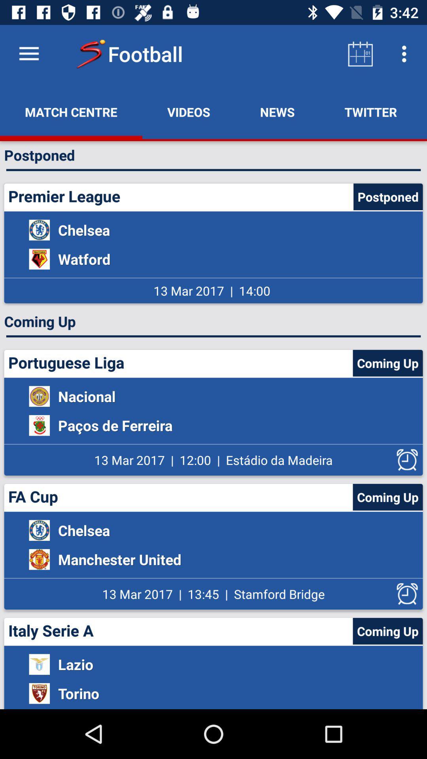 The width and height of the screenshot is (427, 759). I want to click on item to the right of the twitter, so click(424, 111).